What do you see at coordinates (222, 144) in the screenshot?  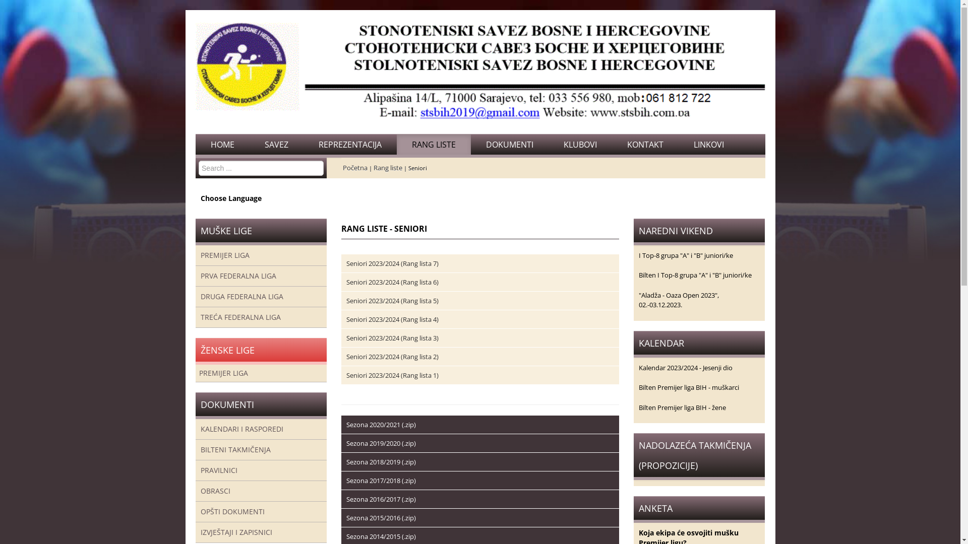 I see `'HOME'` at bounding box center [222, 144].